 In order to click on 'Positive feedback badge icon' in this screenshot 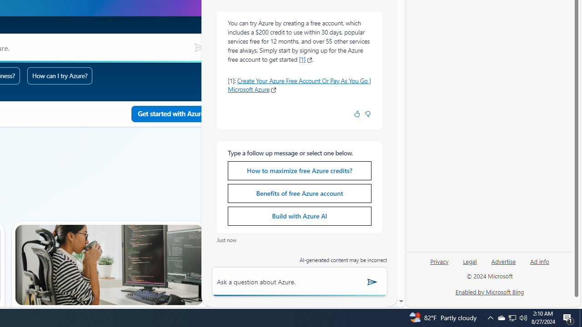, I will do `click(356, 114)`.